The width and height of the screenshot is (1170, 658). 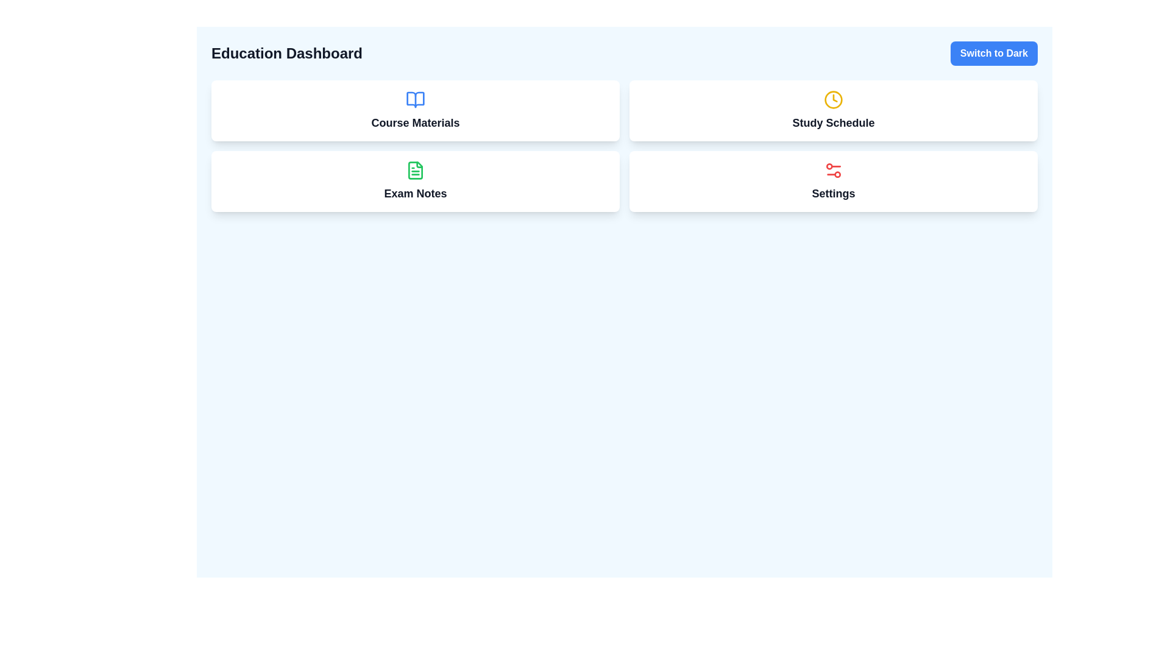 What do you see at coordinates (833, 99) in the screenshot?
I see `the circular decorative element within the clock icon that is located above the 'Study Schedule' label` at bounding box center [833, 99].